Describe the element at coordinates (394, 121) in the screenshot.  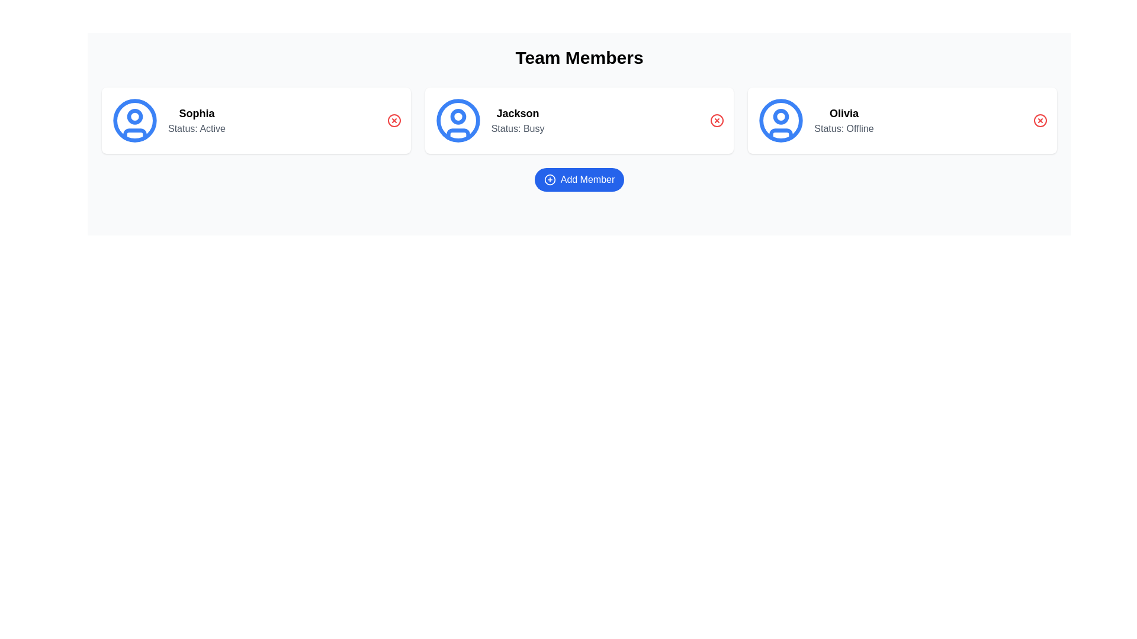
I see `the circular red outlined button with a white 'X' located in the top-right corner of Sophia's card in the Team Members section` at that location.